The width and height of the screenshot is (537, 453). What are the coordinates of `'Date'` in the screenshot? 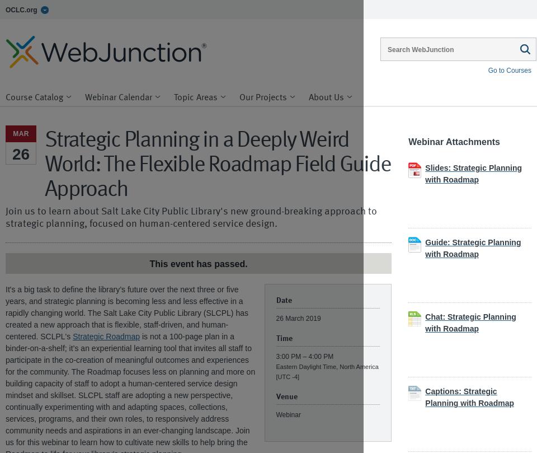 It's located at (282, 299).